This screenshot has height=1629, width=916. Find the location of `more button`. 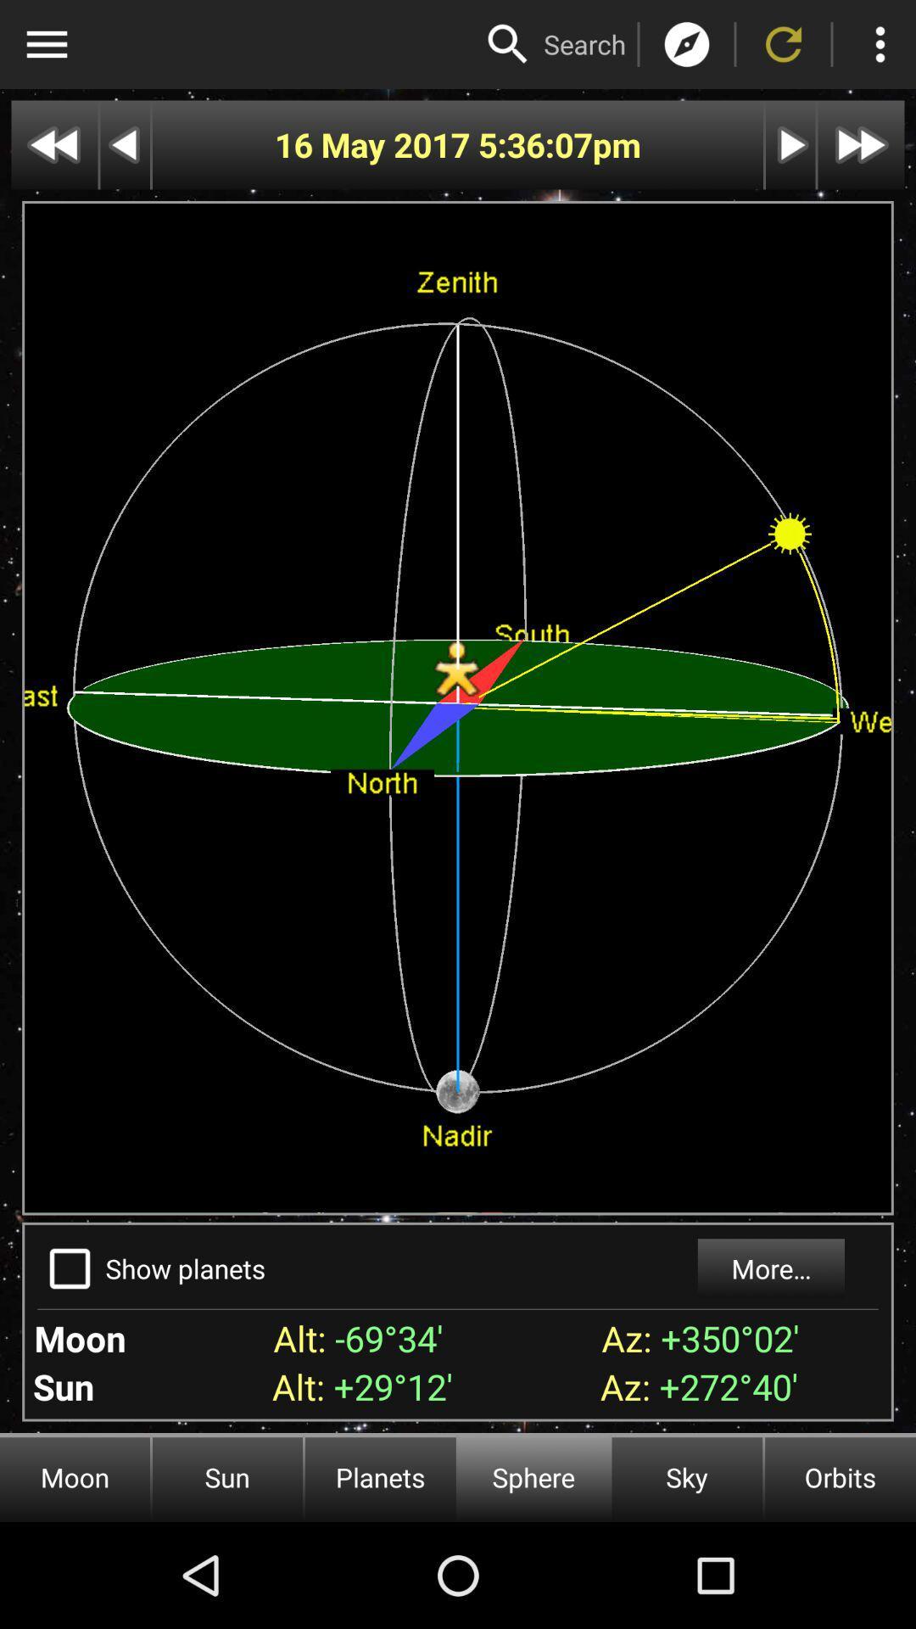

more button is located at coordinates (879, 44).